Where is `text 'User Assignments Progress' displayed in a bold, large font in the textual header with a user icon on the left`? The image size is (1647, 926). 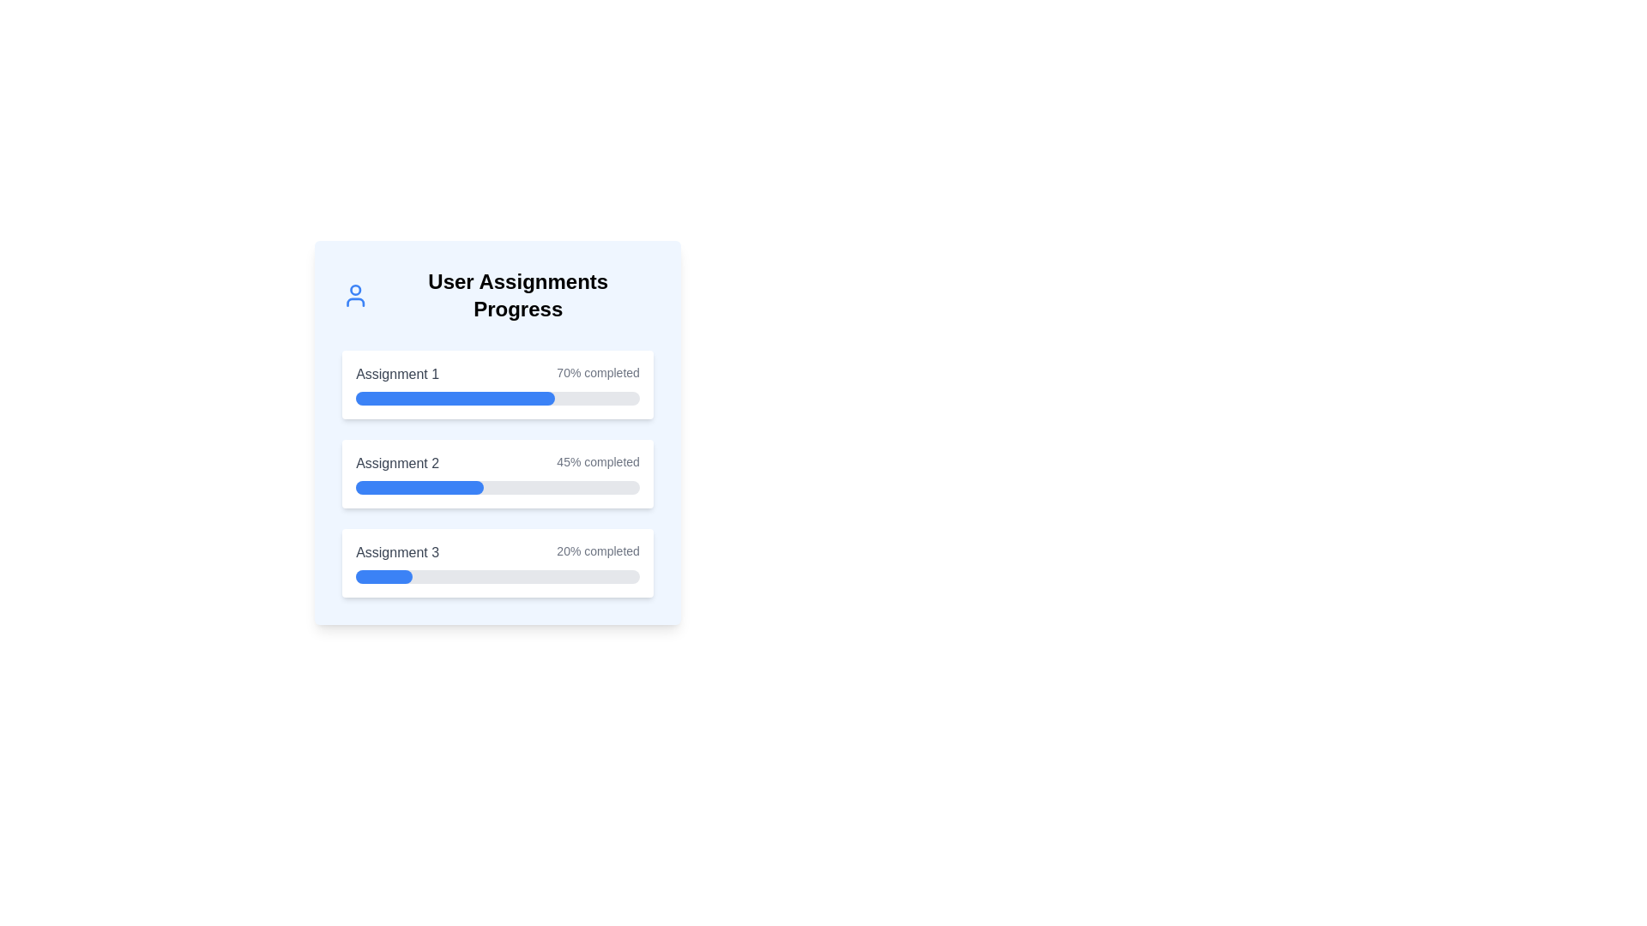 text 'User Assignments Progress' displayed in a bold, large font in the textual header with a user icon on the left is located at coordinates (497, 294).